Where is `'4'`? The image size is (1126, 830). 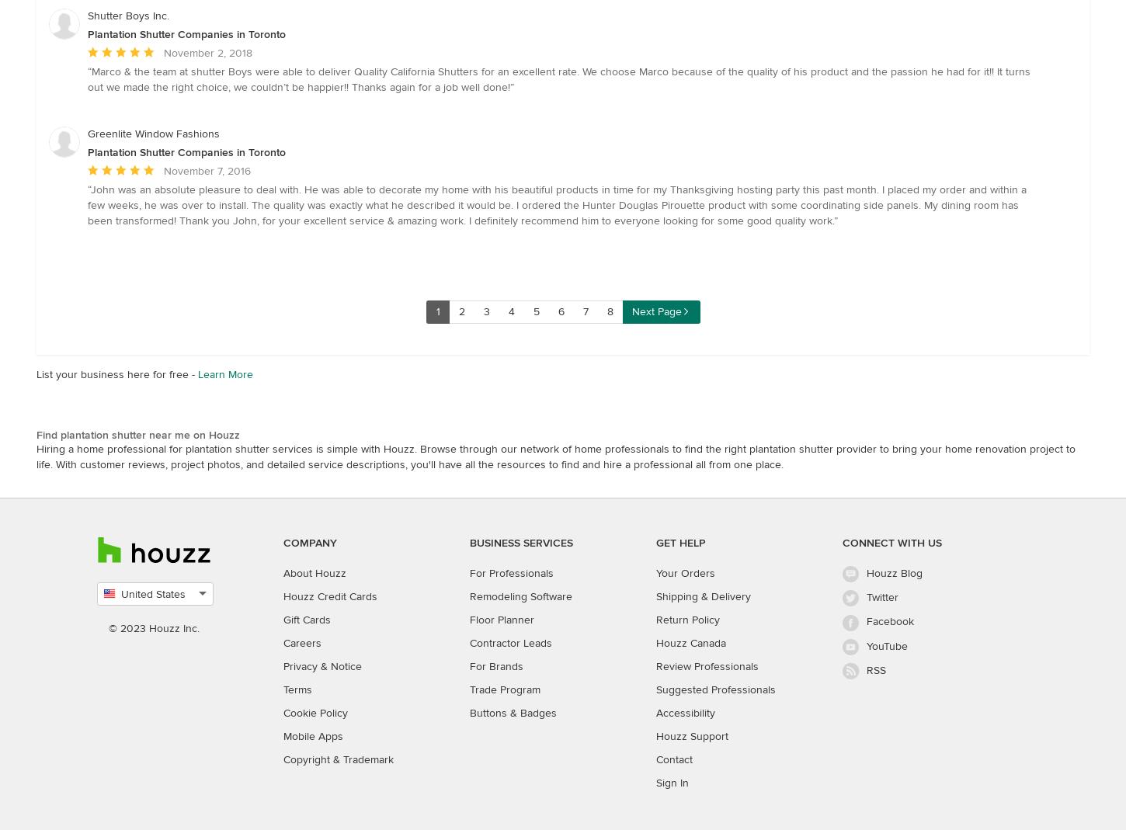
'4' is located at coordinates (510, 311).